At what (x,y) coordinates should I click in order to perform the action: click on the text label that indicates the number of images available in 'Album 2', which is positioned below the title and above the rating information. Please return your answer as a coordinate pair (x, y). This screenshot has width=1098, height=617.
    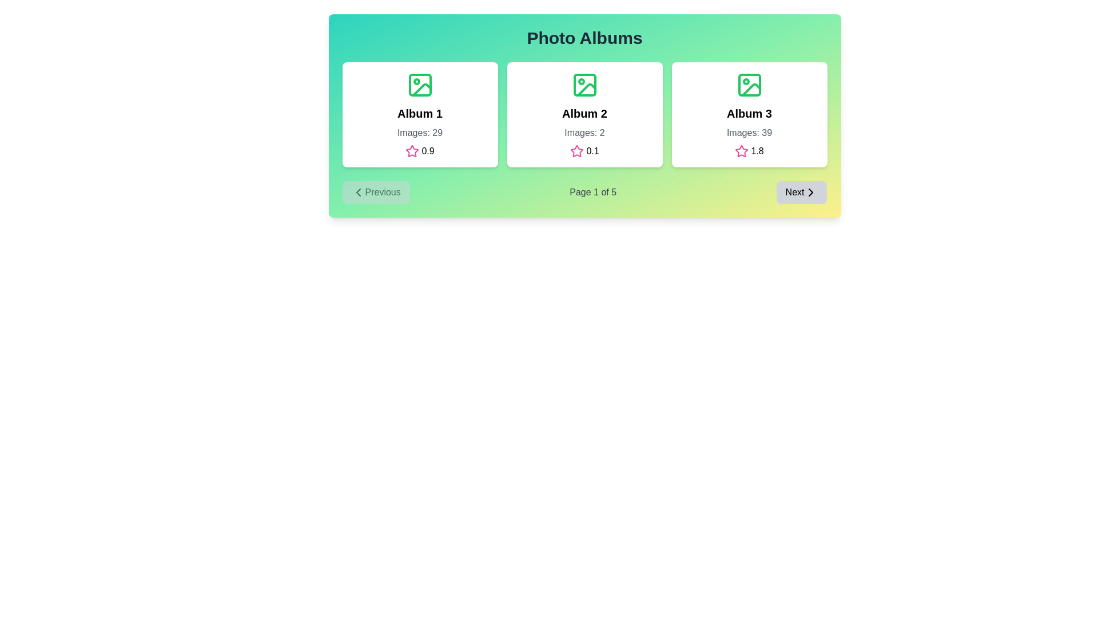
    Looking at the image, I should click on (584, 132).